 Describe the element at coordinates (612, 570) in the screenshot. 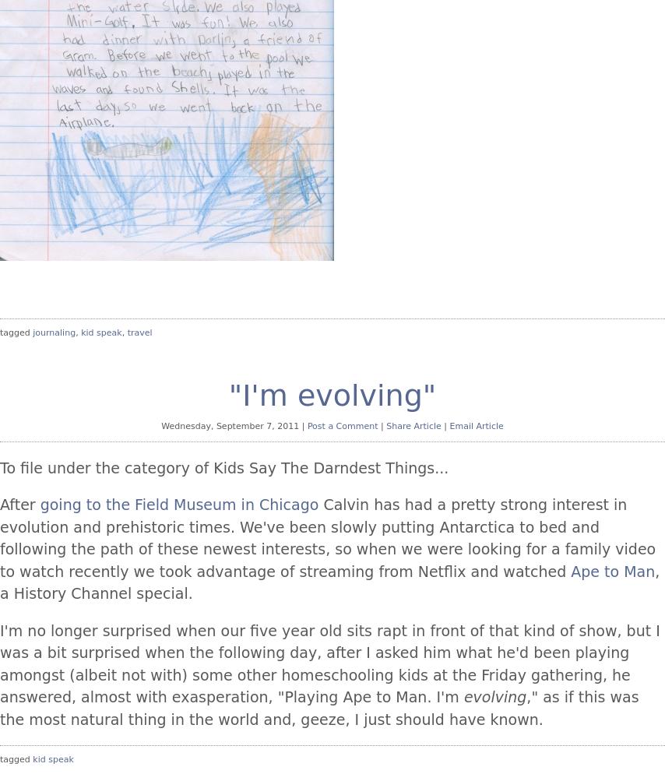

I see `'Ape to Man'` at that location.